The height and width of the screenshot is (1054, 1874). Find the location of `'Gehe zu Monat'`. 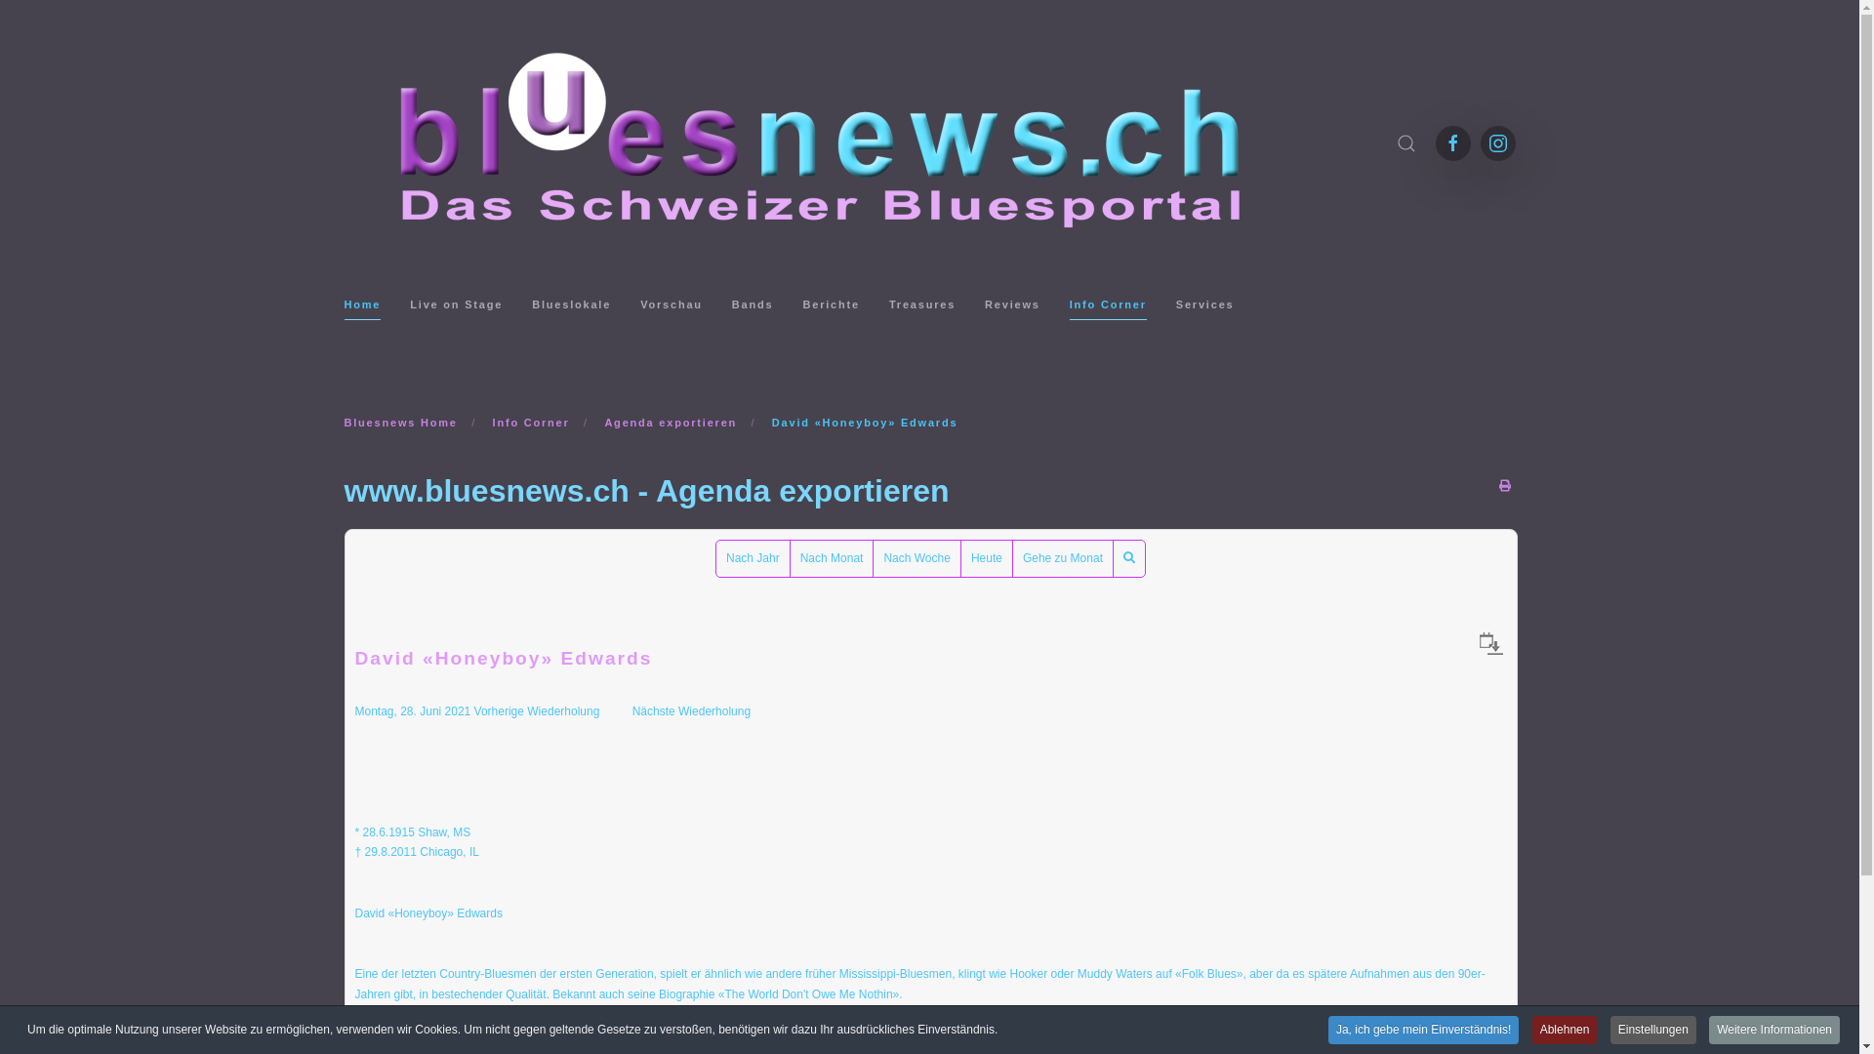

'Gehe zu Monat' is located at coordinates (1012, 558).